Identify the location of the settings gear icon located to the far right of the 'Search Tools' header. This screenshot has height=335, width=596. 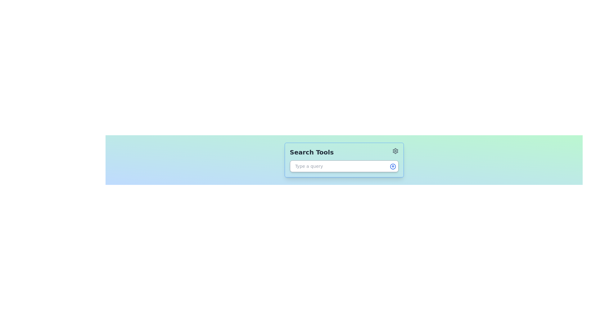
(395, 151).